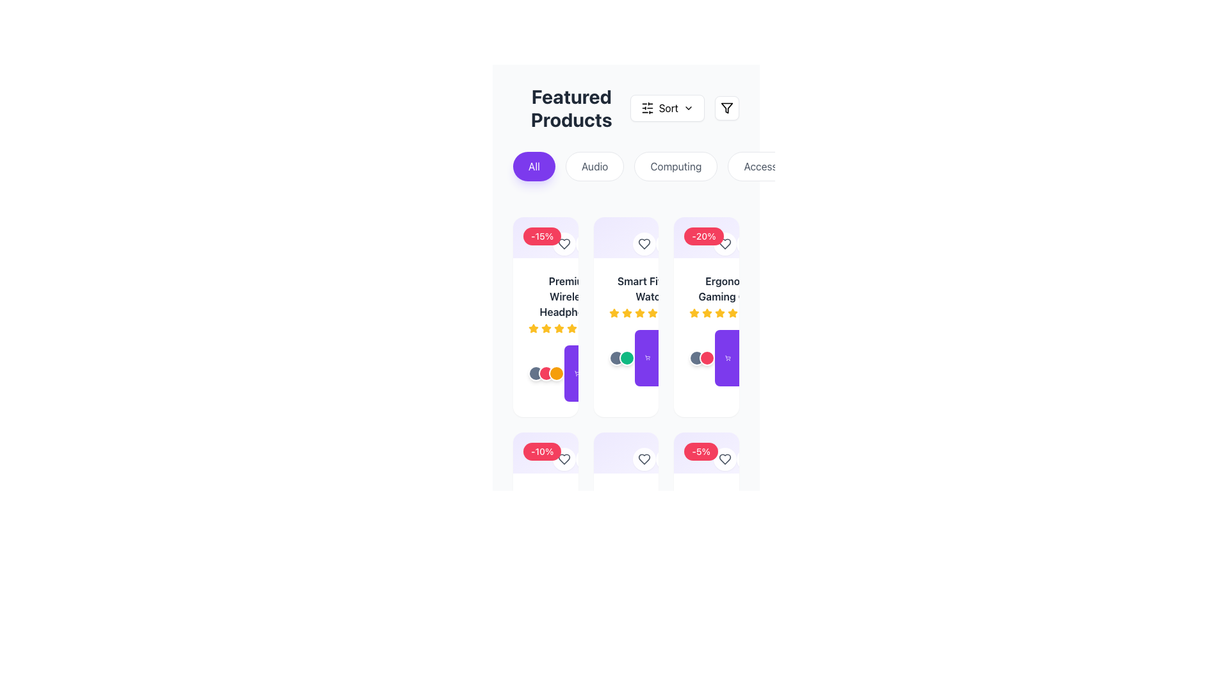  Describe the element at coordinates (651, 313) in the screenshot. I see `the third amber star icon in the rating system displayed under the product name 'Smart Fitness Watch'` at that location.